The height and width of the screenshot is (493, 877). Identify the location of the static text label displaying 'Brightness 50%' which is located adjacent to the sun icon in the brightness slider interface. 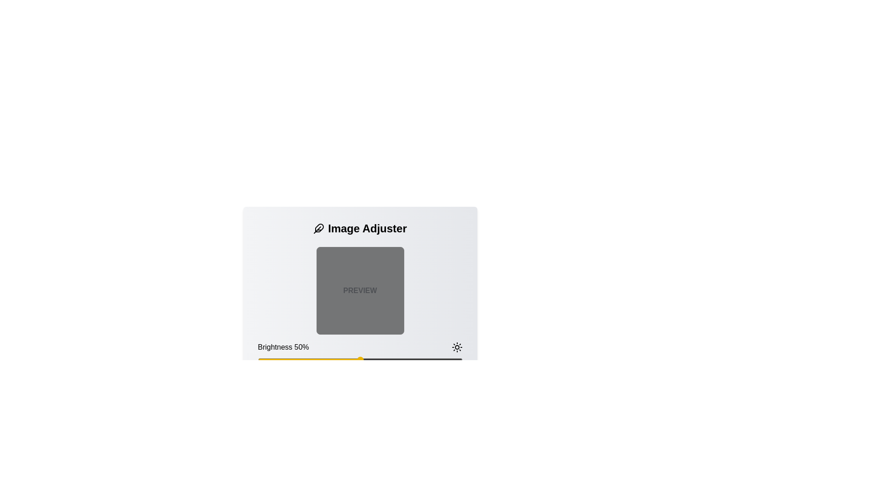
(359, 354).